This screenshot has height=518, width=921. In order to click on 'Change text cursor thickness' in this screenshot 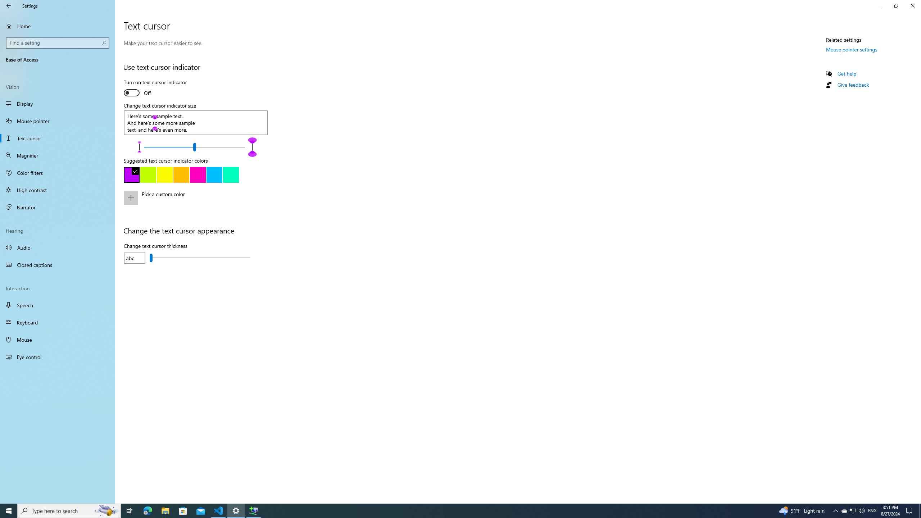, I will do `click(199, 258)`.